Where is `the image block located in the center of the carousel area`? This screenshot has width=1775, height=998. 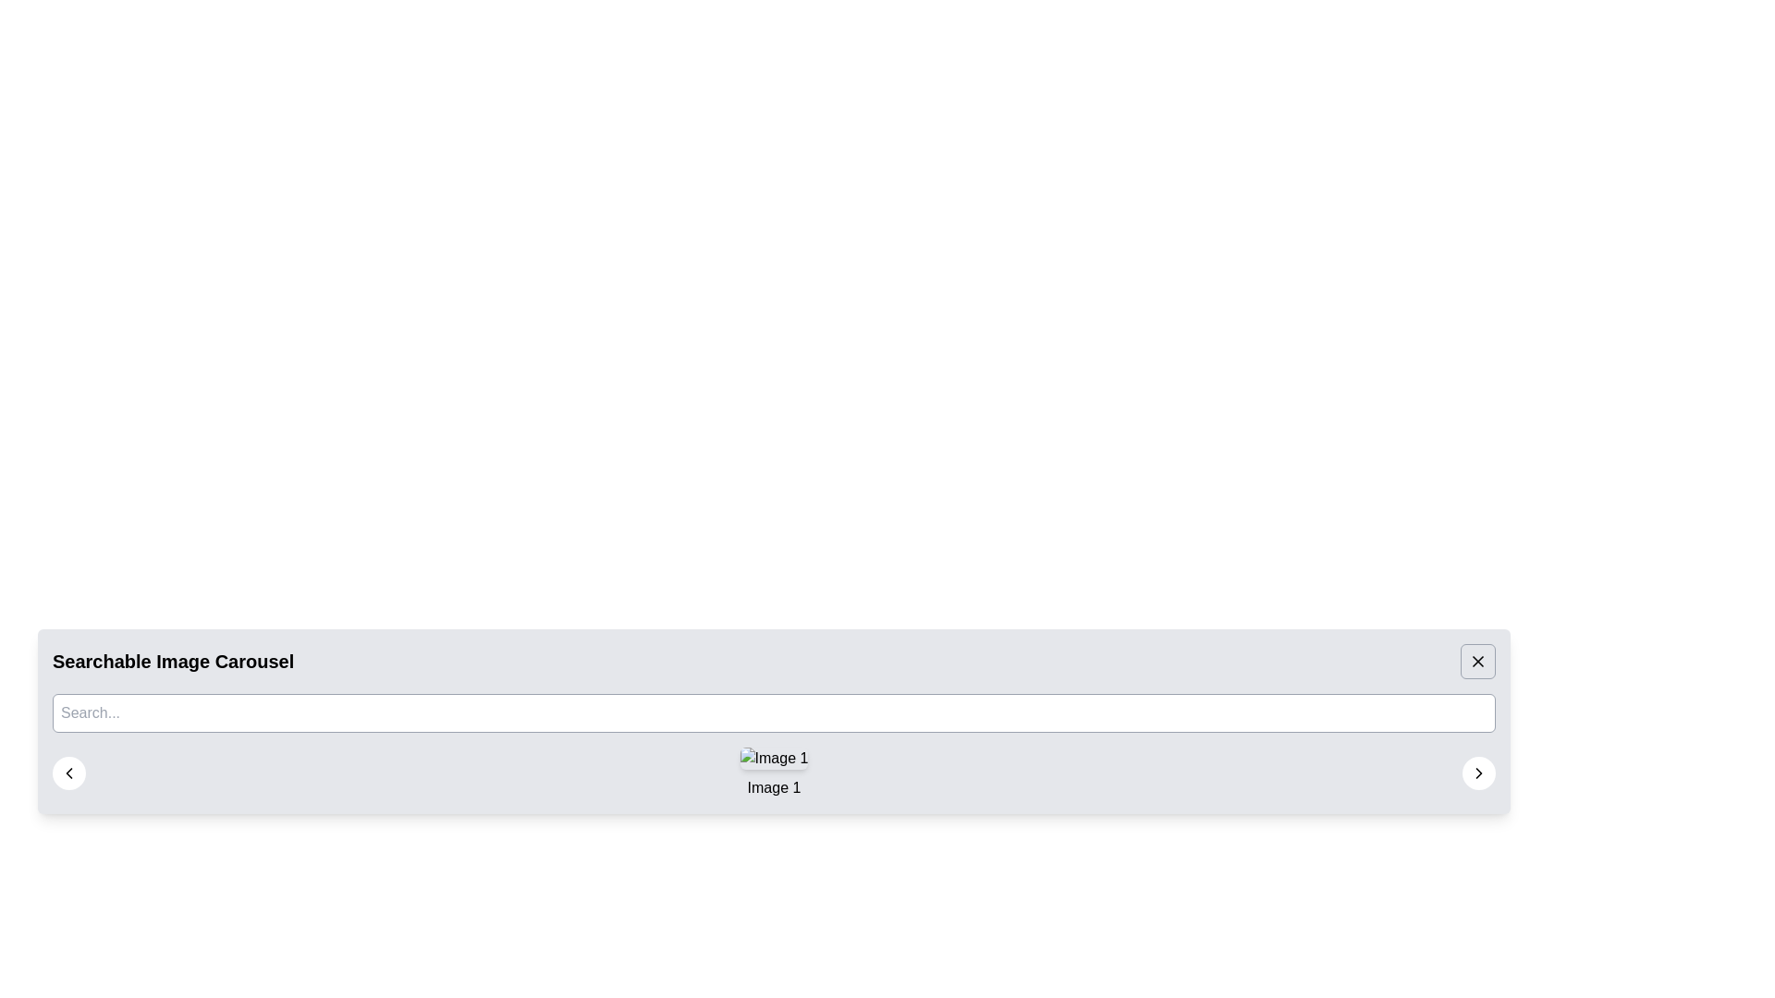 the image block located in the center of the carousel area is located at coordinates (774, 773).